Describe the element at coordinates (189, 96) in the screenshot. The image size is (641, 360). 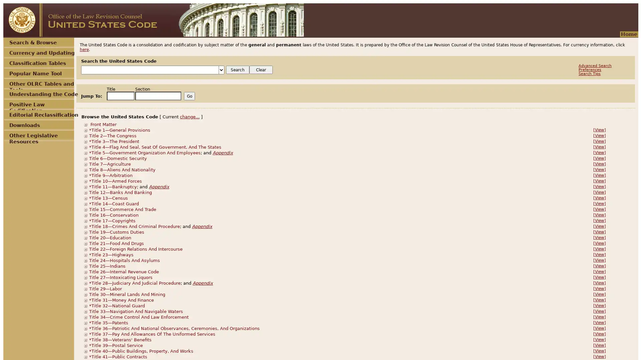
I see `Go` at that location.